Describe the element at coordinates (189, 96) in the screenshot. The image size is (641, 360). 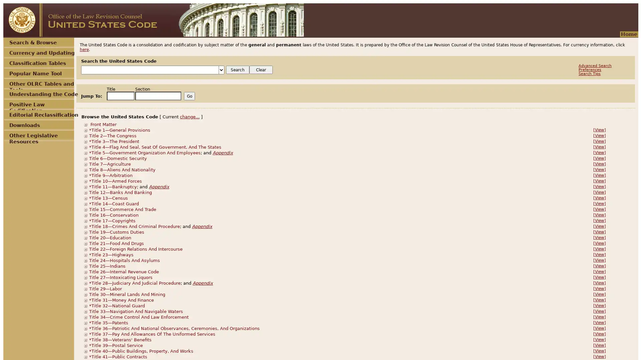
I see `Go` at that location.